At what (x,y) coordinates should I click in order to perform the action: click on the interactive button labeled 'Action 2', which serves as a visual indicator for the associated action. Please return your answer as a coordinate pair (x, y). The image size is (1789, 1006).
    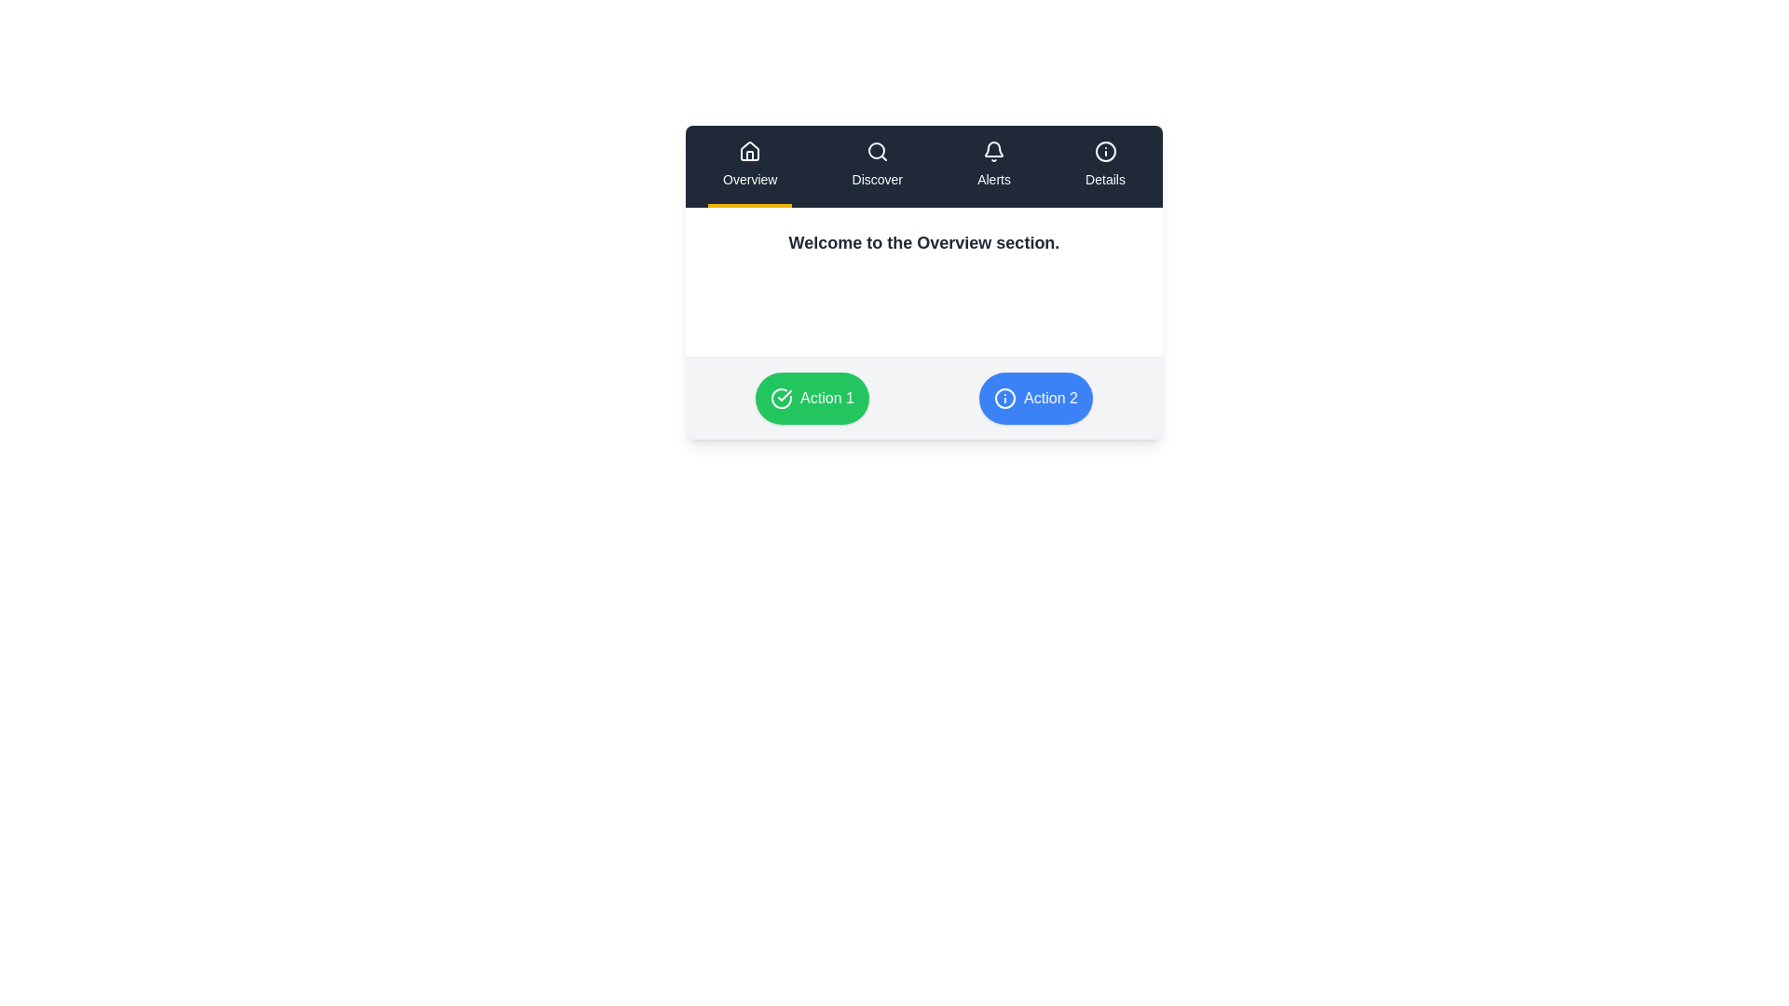
    Looking at the image, I should click on (1004, 398).